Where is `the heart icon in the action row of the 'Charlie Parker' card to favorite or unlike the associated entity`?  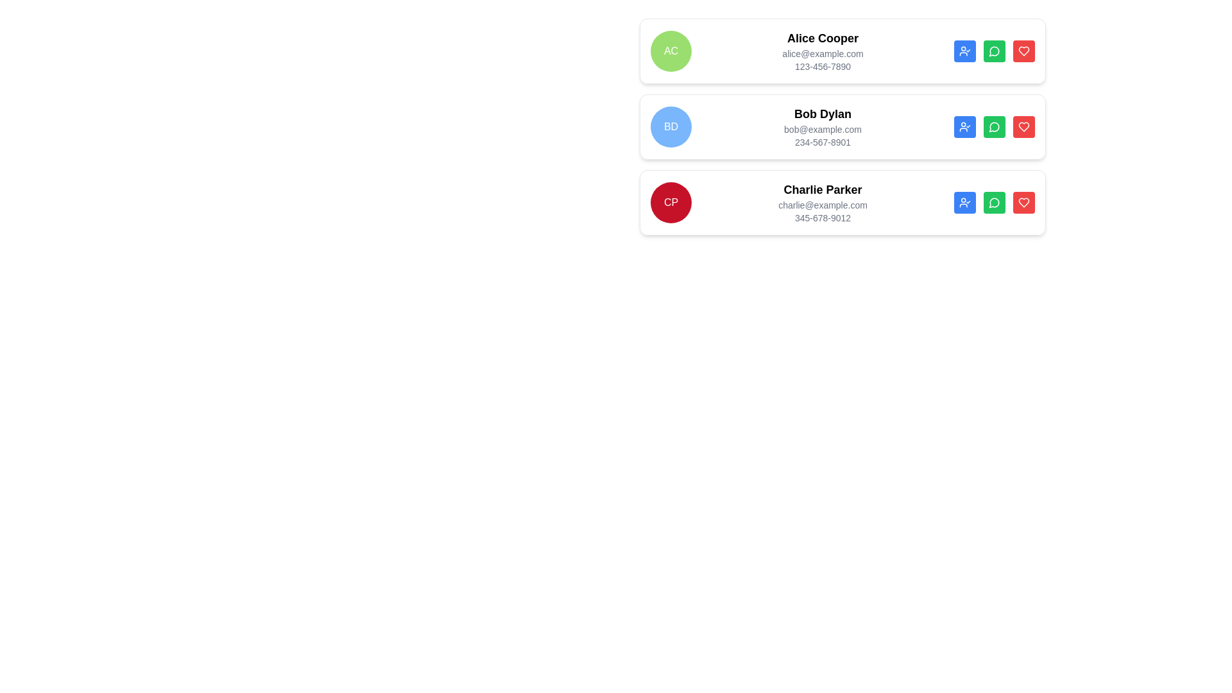 the heart icon in the action row of the 'Charlie Parker' card to favorite or unlike the associated entity is located at coordinates (1023, 202).